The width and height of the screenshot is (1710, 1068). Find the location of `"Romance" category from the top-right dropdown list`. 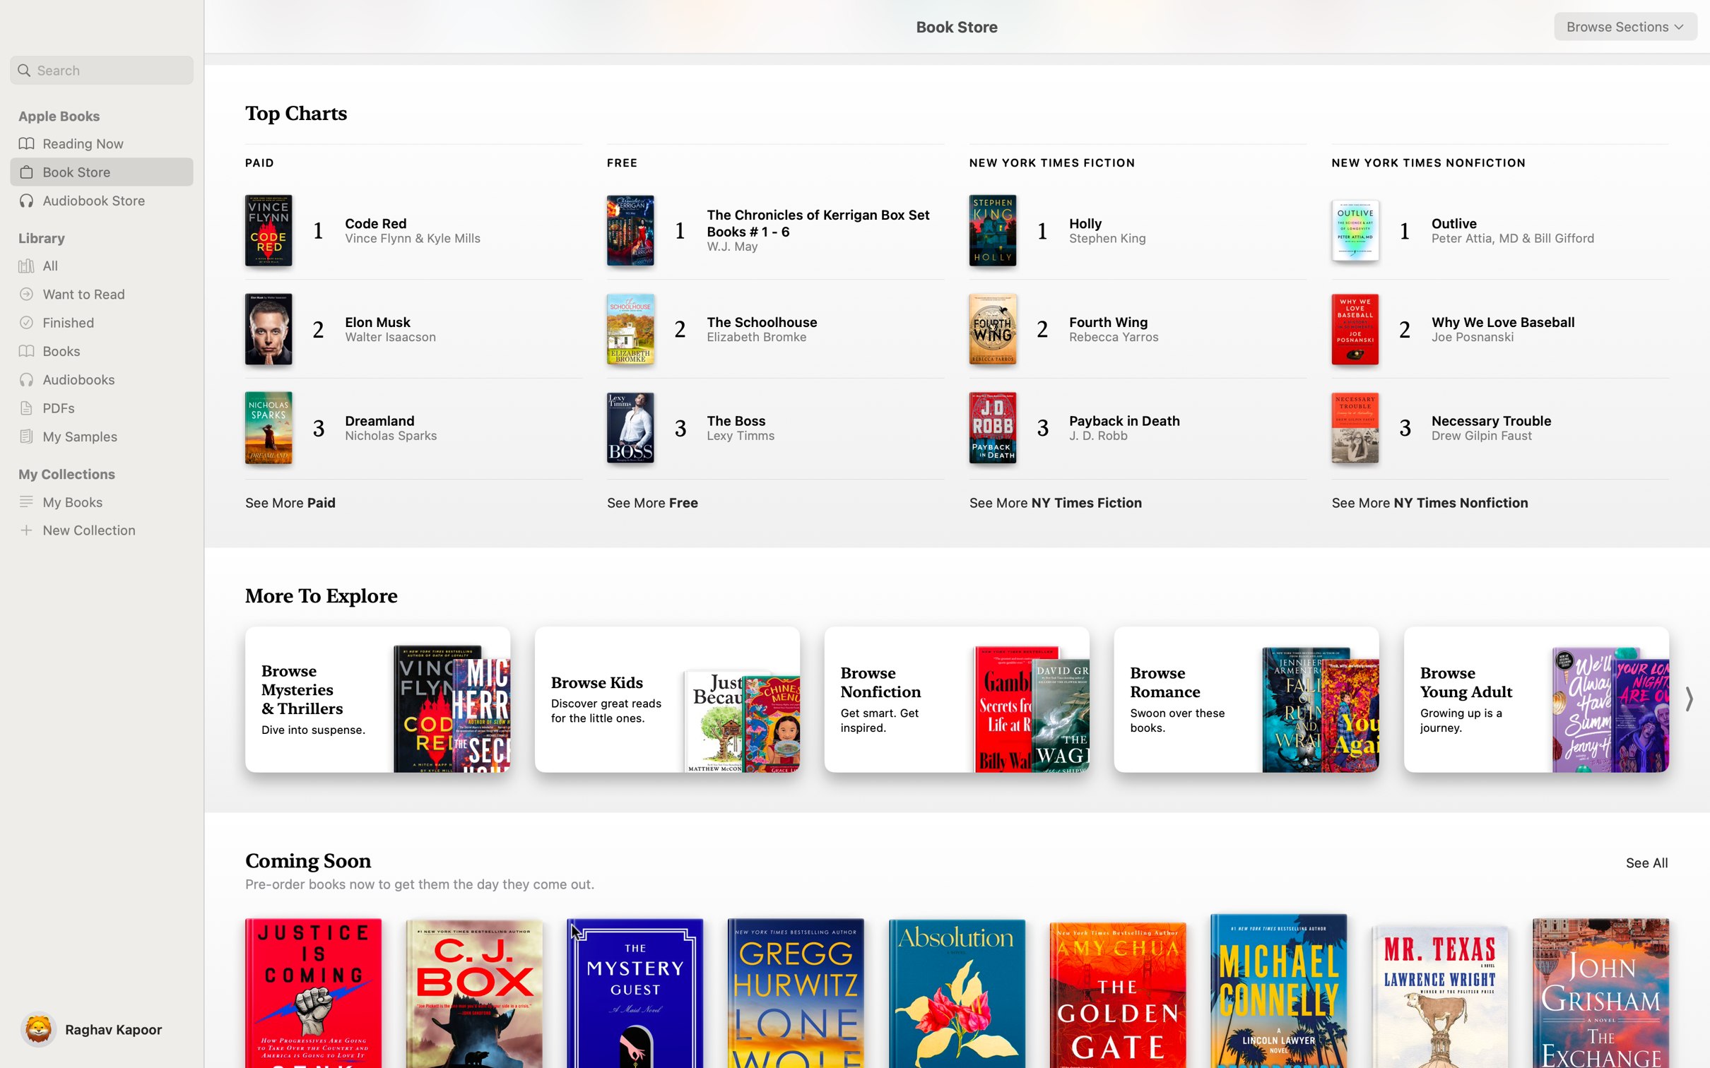

"Romance" category from the top-right dropdown list is located at coordinates (1625, 26).